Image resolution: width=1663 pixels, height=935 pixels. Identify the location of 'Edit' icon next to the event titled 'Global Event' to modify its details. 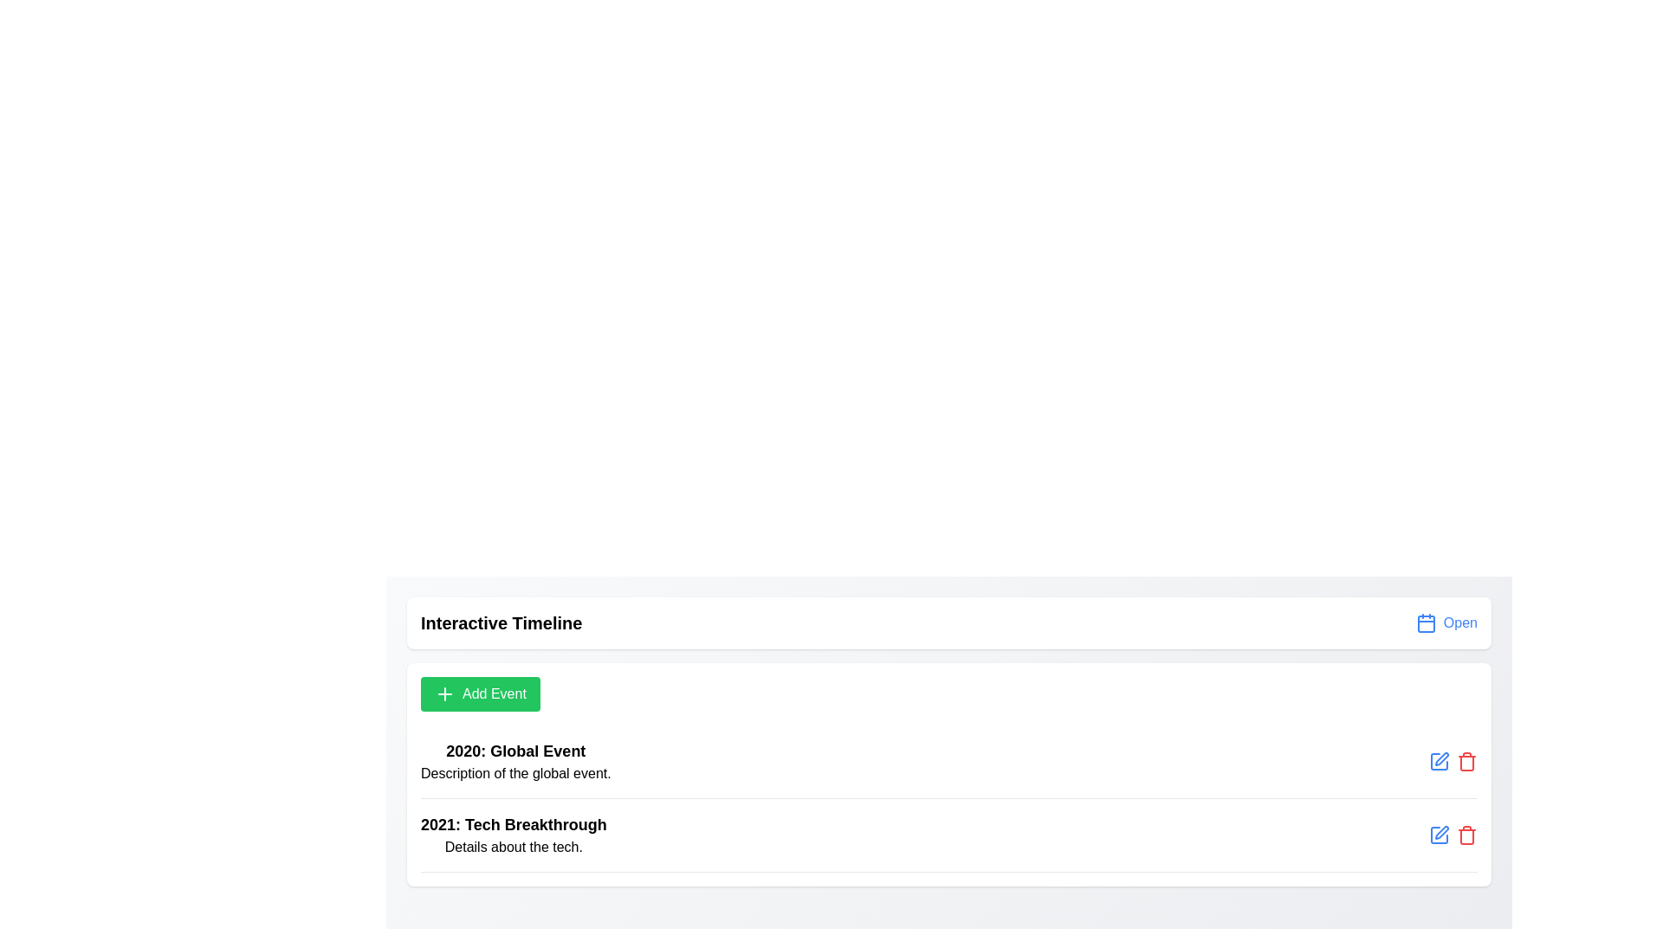
(1439, 760).